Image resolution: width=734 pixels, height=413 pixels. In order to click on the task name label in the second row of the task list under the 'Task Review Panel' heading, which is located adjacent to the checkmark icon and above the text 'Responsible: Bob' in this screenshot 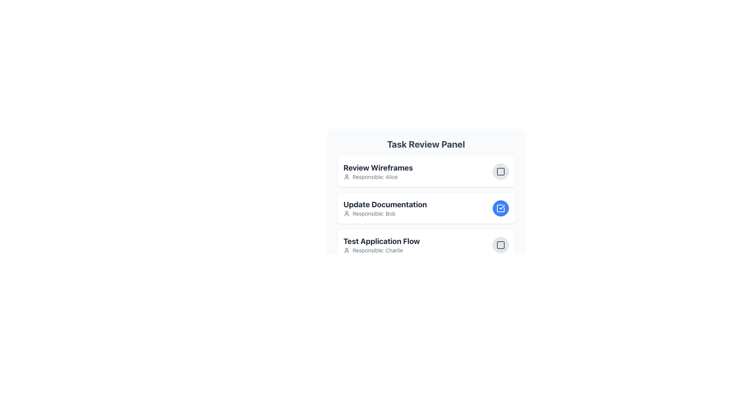, I will do `click(385, 204)`.